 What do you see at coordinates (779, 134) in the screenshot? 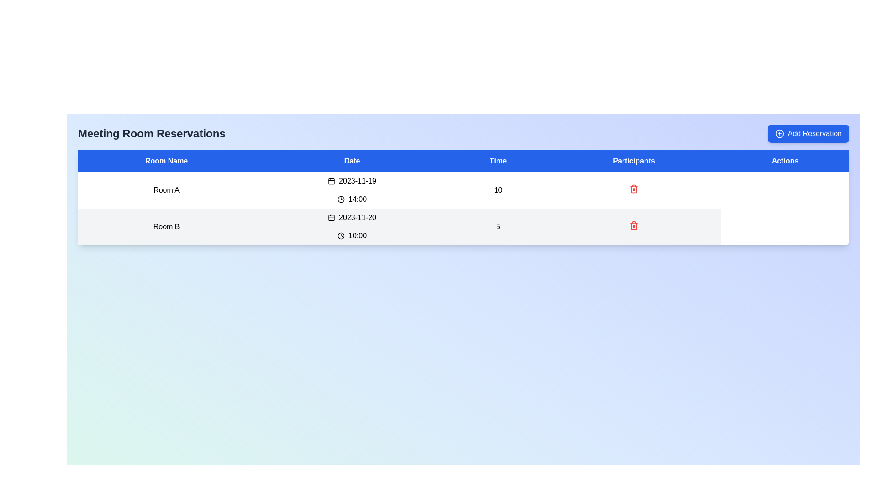
I see `the decorative icon with a plus sign located in the upper-right corner of the 'Add Reservation' button` at bounding box center [779, 134].